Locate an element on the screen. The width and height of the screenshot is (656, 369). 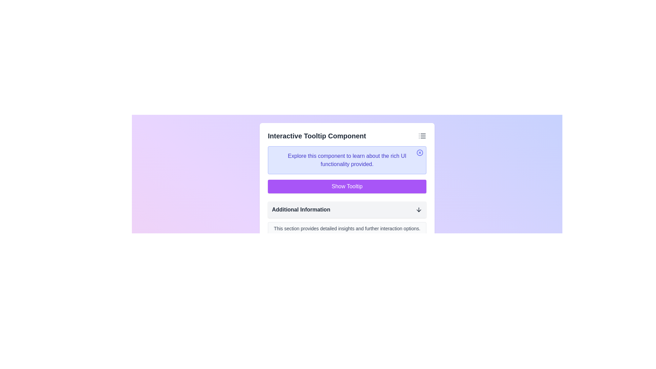
the Text label that provides additional descriptive text within the 'Additional Information' section, located below the 'Show Tooltip' purple button is located at coordinates (347, 228).